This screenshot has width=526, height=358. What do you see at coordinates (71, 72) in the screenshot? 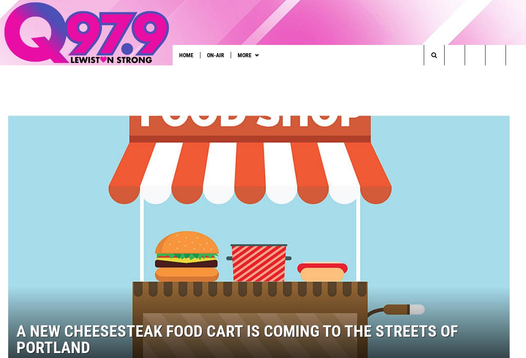
I see `'See Taylor Swift in Paris'` at bounding box center [71, 72].